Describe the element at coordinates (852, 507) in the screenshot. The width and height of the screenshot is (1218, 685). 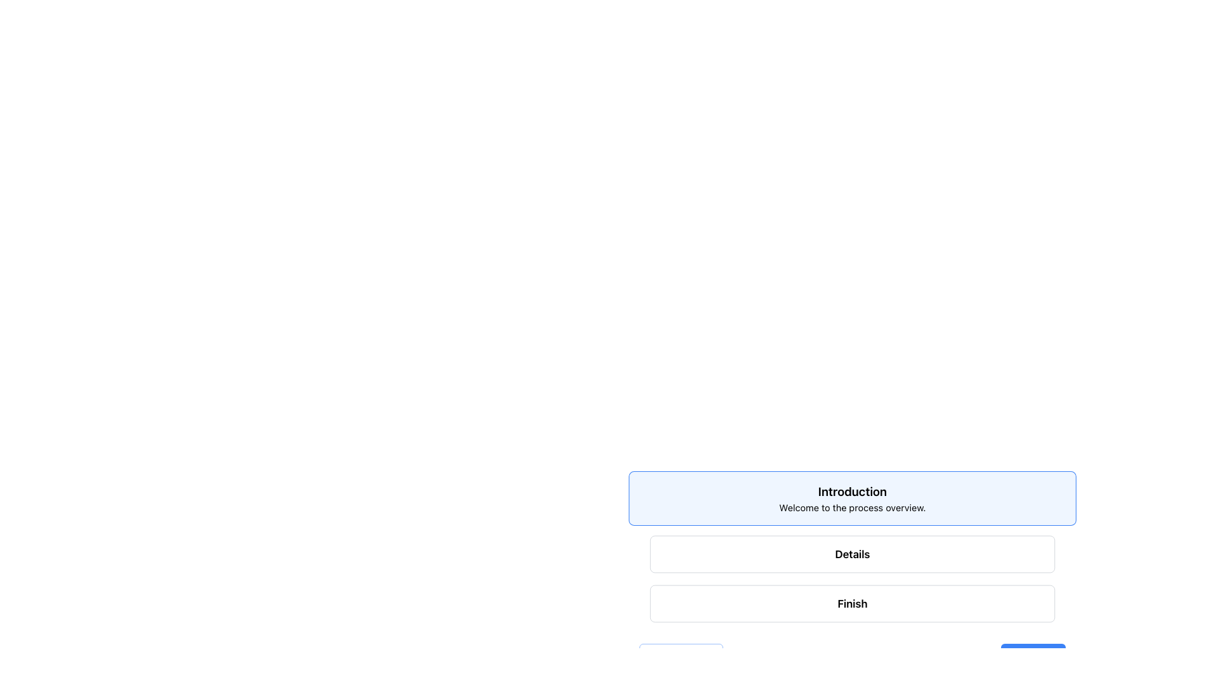
I see `the Text Label located below the 'Introduction' title and above the 'Details' and 'Finish' sections, which serves as an introductory overview` at that location.